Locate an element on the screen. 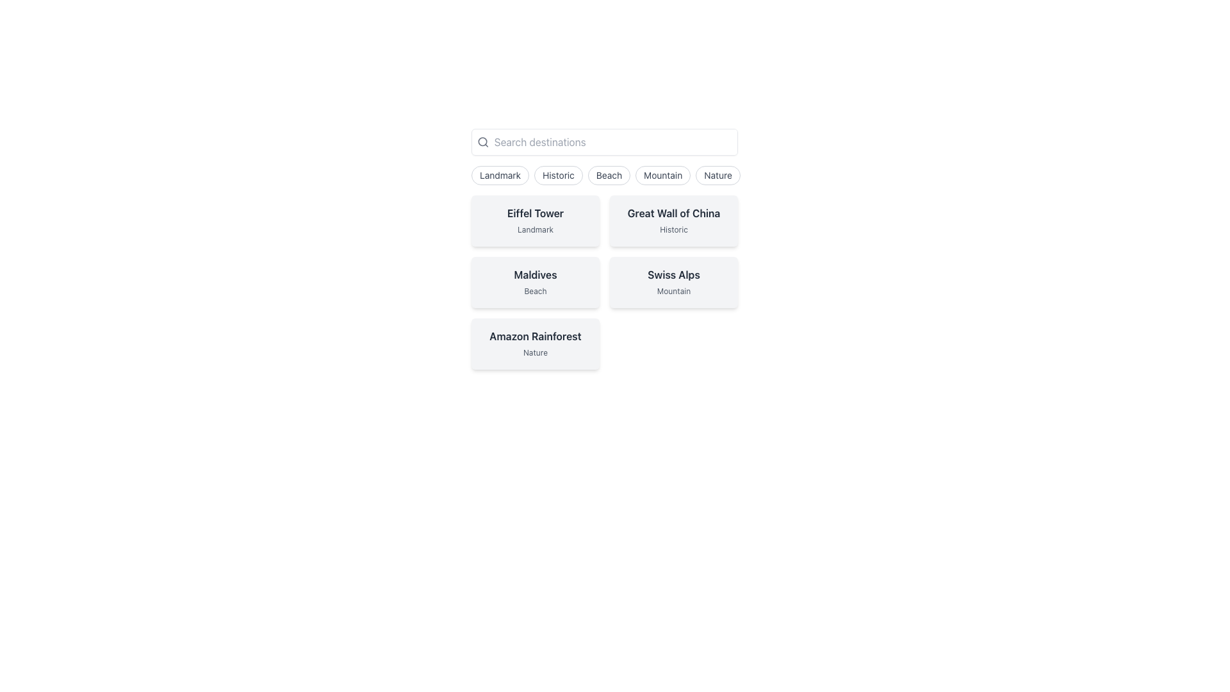 This screenshot has width=1230, height=692. the text label reading 'Historic' which is located beneath the title 'Great Wall of China' in a card-like structure is located at coordinates (673, 229).